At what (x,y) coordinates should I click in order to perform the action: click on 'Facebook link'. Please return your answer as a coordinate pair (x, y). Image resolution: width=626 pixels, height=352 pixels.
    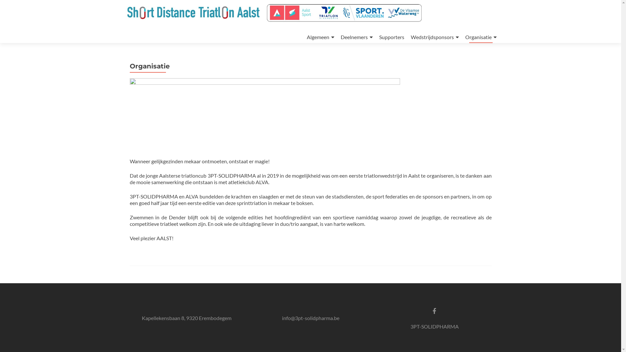
    Looking at the image, I should click on (432, 310).